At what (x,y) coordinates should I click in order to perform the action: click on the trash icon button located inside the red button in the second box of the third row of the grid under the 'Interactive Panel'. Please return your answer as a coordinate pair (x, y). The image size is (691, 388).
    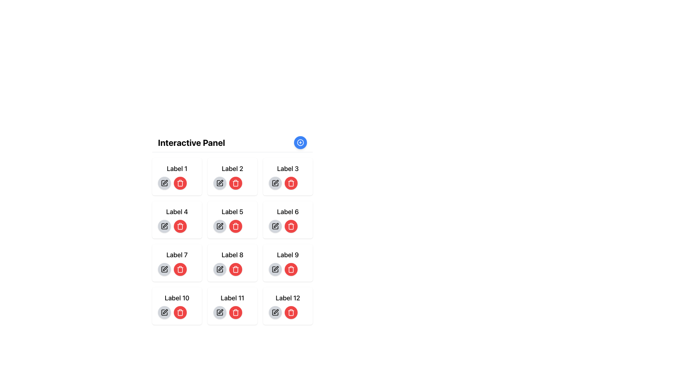
    Looking at the image, I should click on (235, 312).